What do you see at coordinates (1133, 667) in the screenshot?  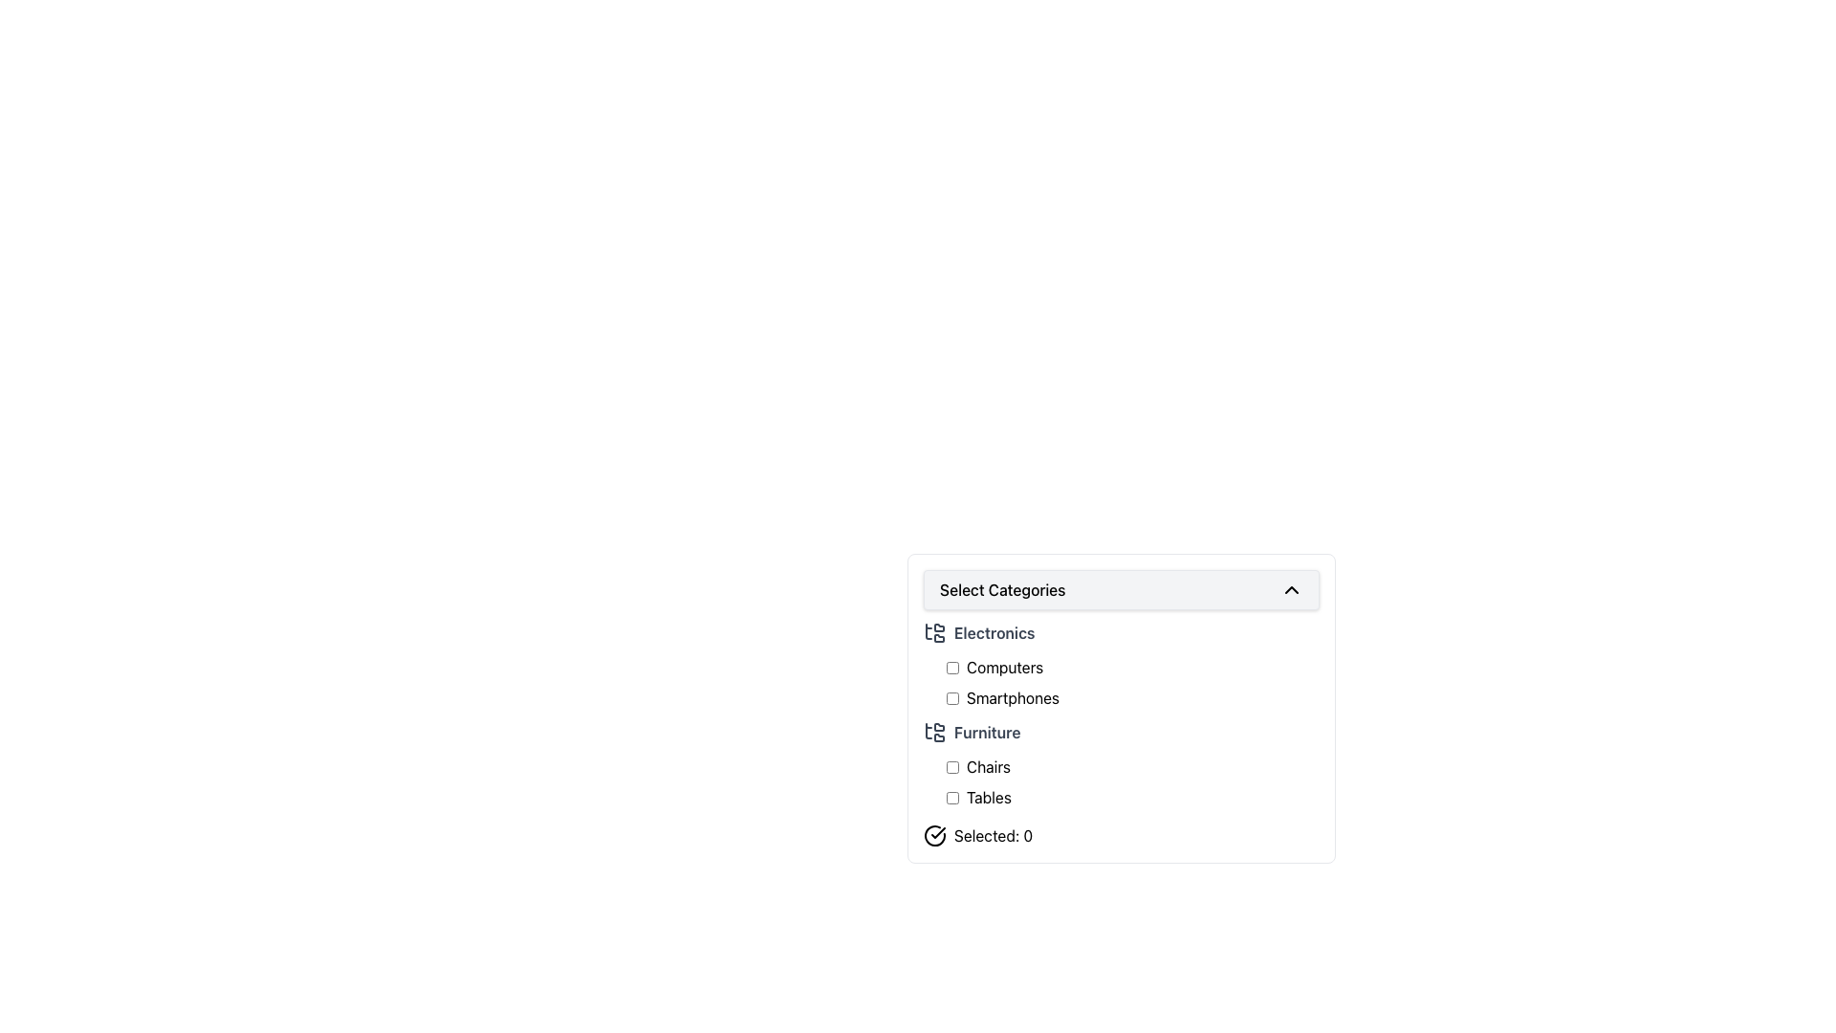 I see `the checkbox for the 'Computers' option located within the 'Electronics' category, allowing for keyboard interaction` at bounding box center [1133, 667].